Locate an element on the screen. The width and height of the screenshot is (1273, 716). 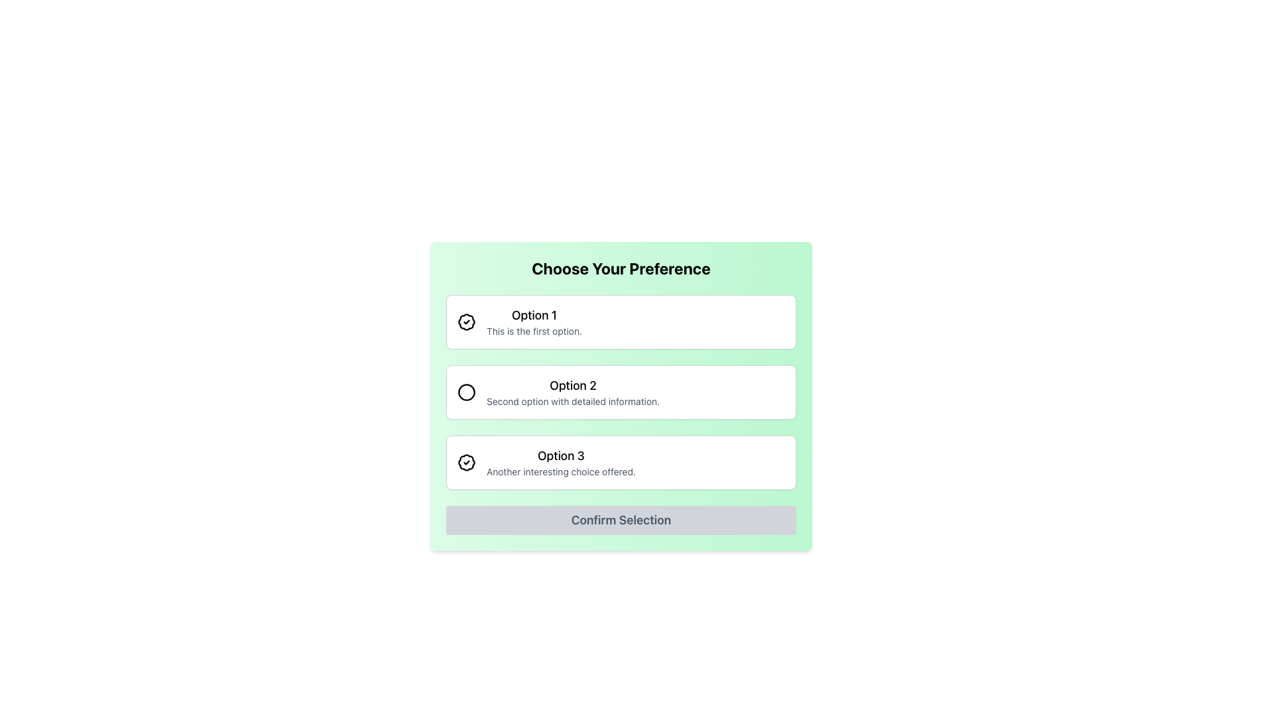
the Static Text Label that displays the title of the first selectable option in the list, located below 'Choose Your Preference' and inside the first option card is located at coordinates (534, 315).